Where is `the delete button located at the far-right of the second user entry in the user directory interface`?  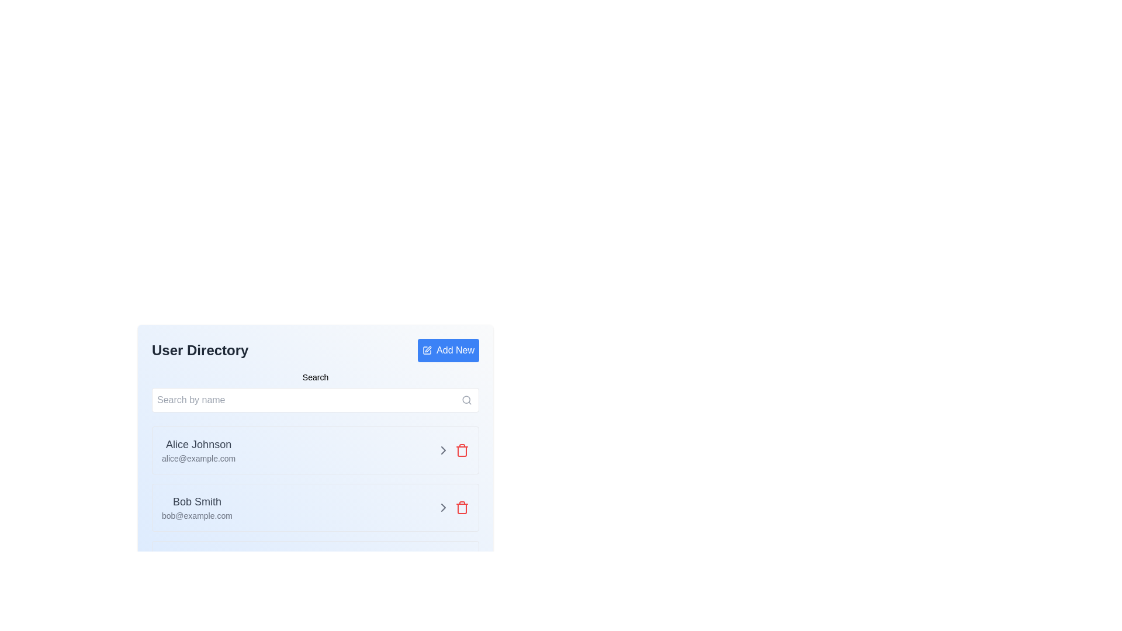
the delete button located at the far-right of the second user entry in the user directory interface is located at coordinates (462, 507).